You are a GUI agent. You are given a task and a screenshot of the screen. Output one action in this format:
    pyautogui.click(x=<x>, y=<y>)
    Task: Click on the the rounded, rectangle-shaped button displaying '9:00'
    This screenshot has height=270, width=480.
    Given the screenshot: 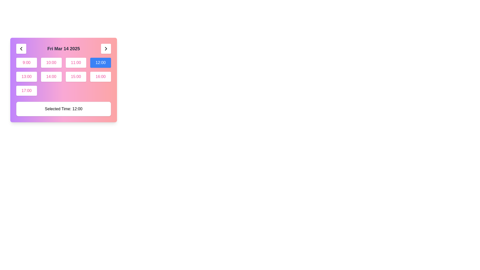 What is the action you would take?
    pyautogui.click(x=26, y=62)
    